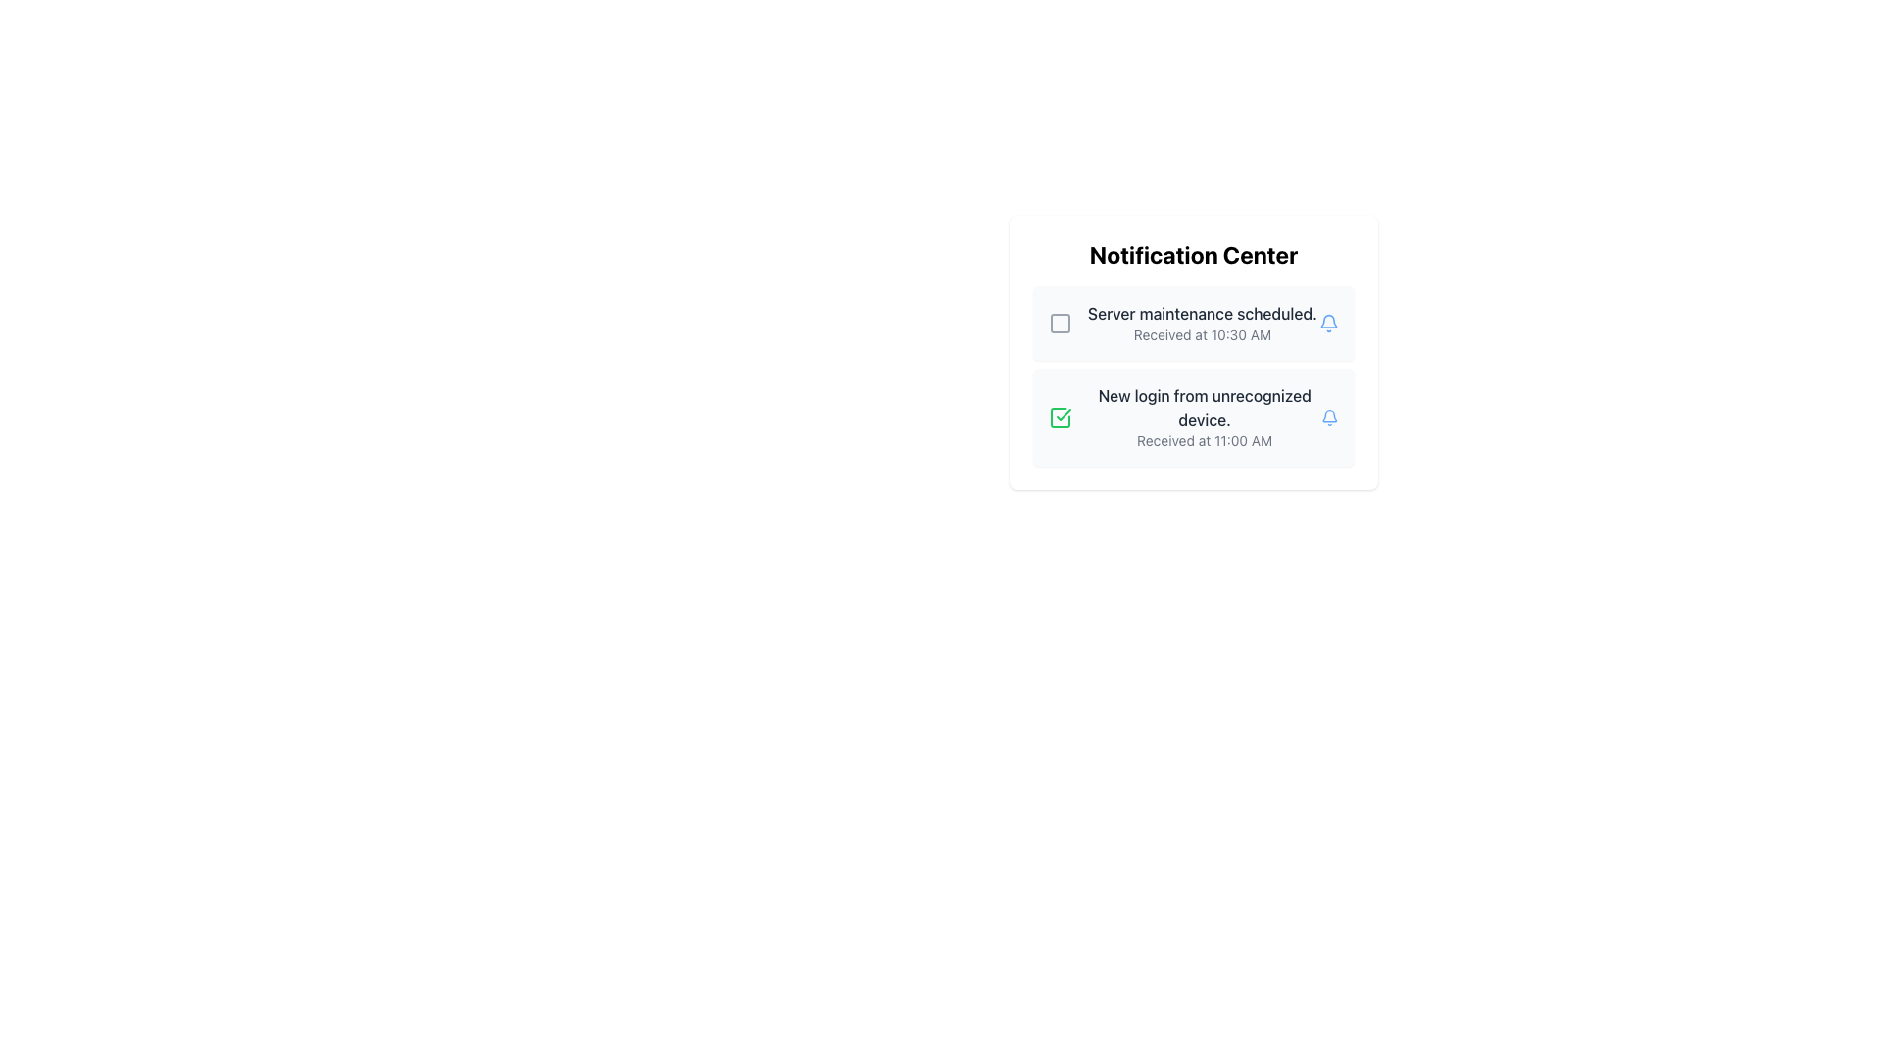 This screenshot has height=1059, width=1882. I want to click on the text display that shows 'New login from unrecognized device.' located in the second notification card of the Notification Center, so click(1204, 407).